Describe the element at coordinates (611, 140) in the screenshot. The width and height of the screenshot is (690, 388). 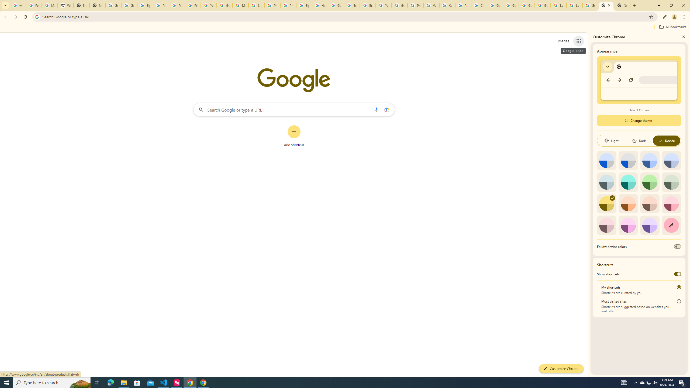
I see `'Light'` at that location.